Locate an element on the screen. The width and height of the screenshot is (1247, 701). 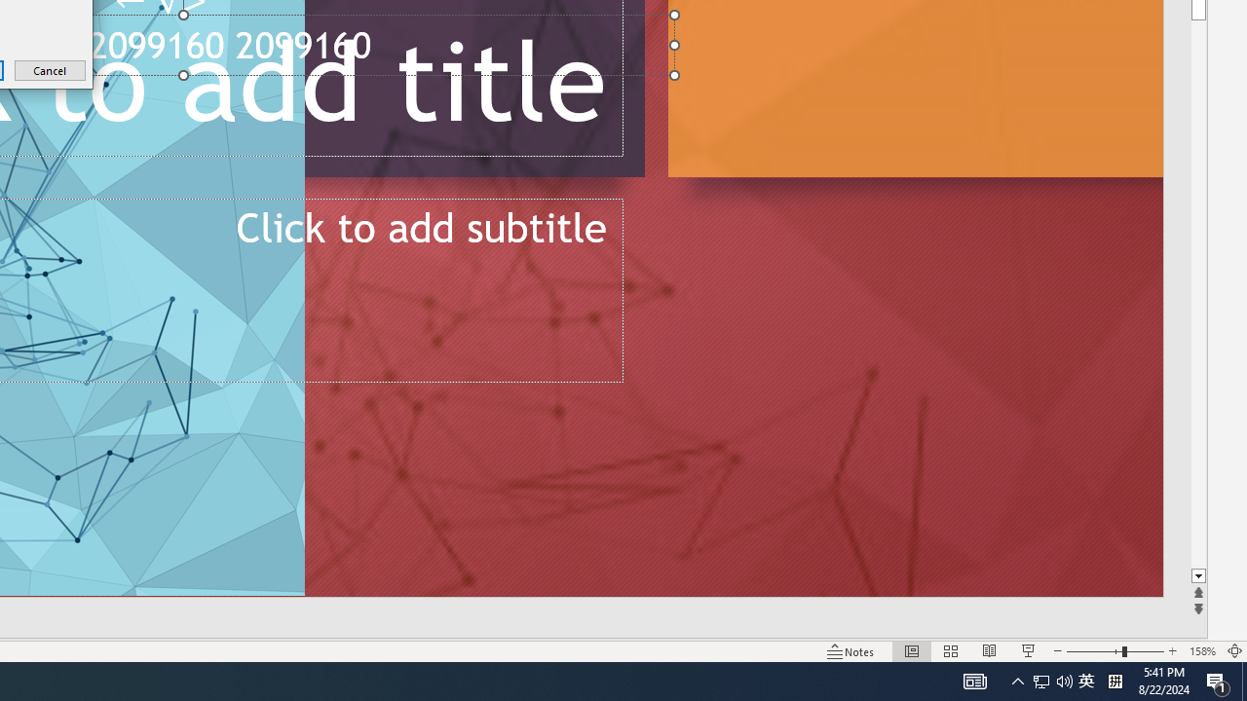
'Show desktop' is located at coordinates (1243, 680).